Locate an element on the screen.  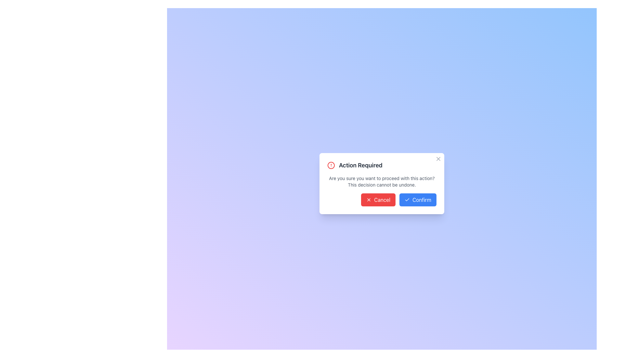
the blue 'Confirm' button with white text and a checkmark icon in the bottom-right corner of the modal dialog is located at coordinates (418, 199).